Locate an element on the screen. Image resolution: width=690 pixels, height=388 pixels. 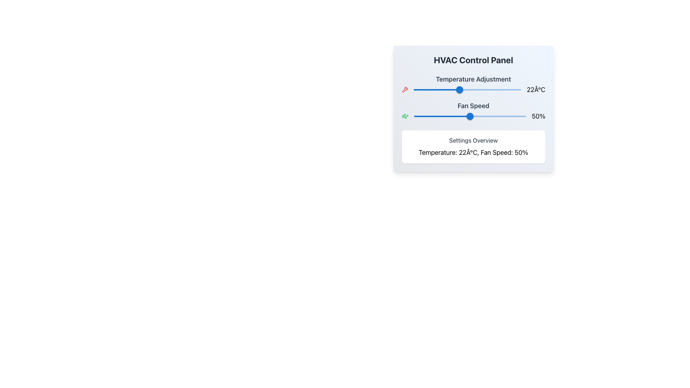
the Static Display Section that shows 'Settings Overview' and current settings like 'Temperature: 22Â°C, Fan Speed: 50%' is located at coordinates (473, 146).